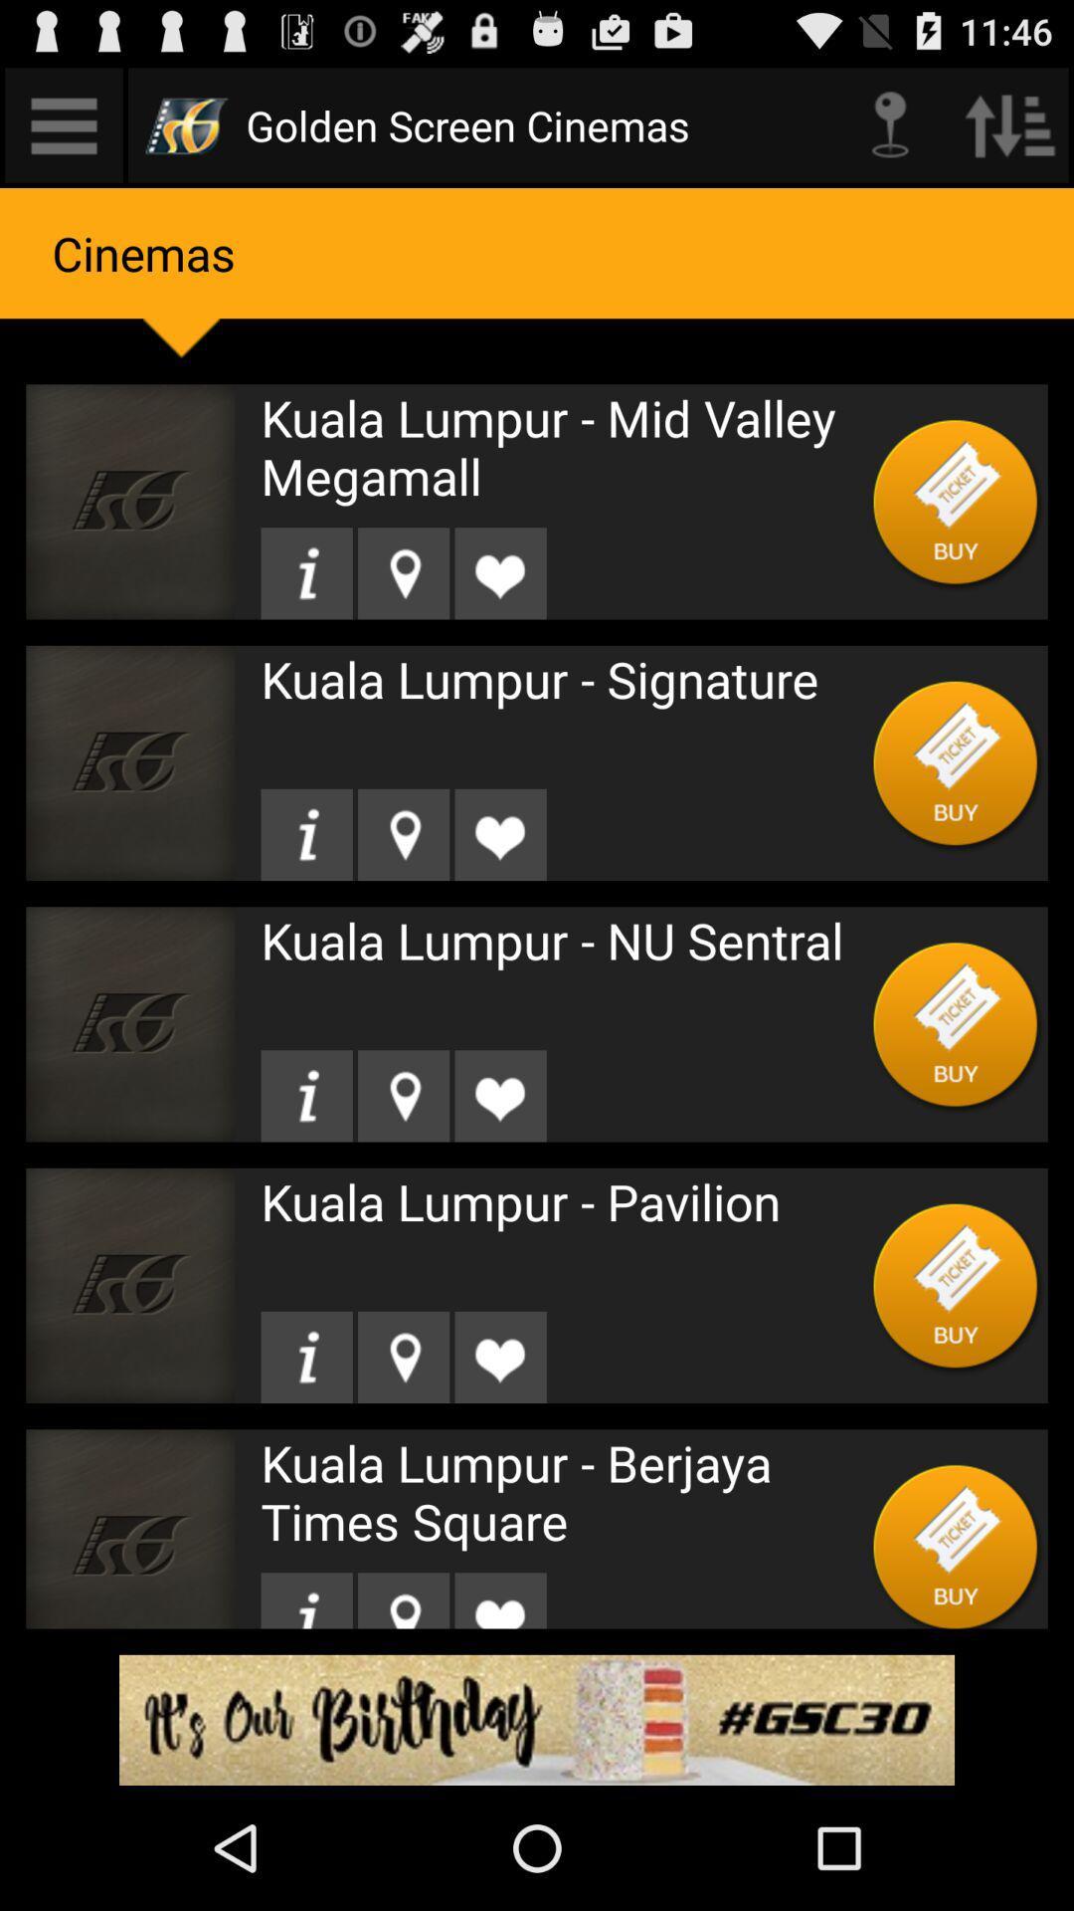 This screenshot has width=1074, height=1911. Describe the element at coordinates (499, 1095) in the screenshot. I see `like the item` at that location.